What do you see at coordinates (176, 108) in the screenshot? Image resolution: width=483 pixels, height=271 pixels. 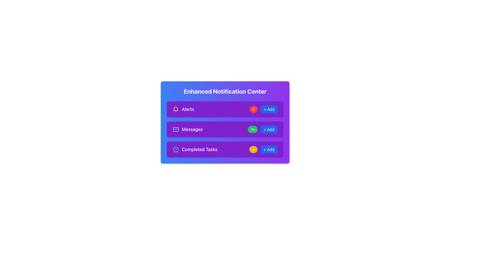 I see `the notification icon representing alerts in the interface, which is the first icon in a vertical list of notifications` at bounding box center [176, 108].